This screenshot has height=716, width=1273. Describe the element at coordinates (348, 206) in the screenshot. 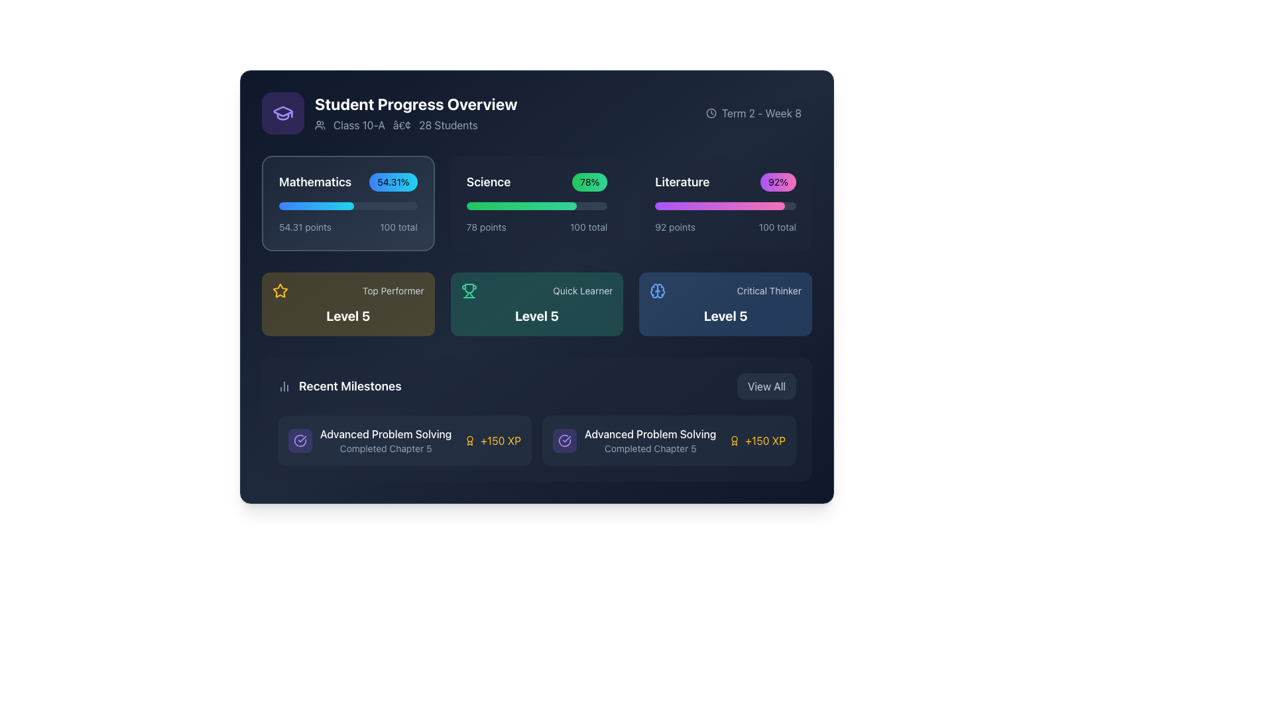

I see `the progress bar representing the progress of 'Mathematics', located centrally beneath the labels 'Mathematics' and '54.31%', and above the summaries '54.31 points' and '100 total'` at that location.